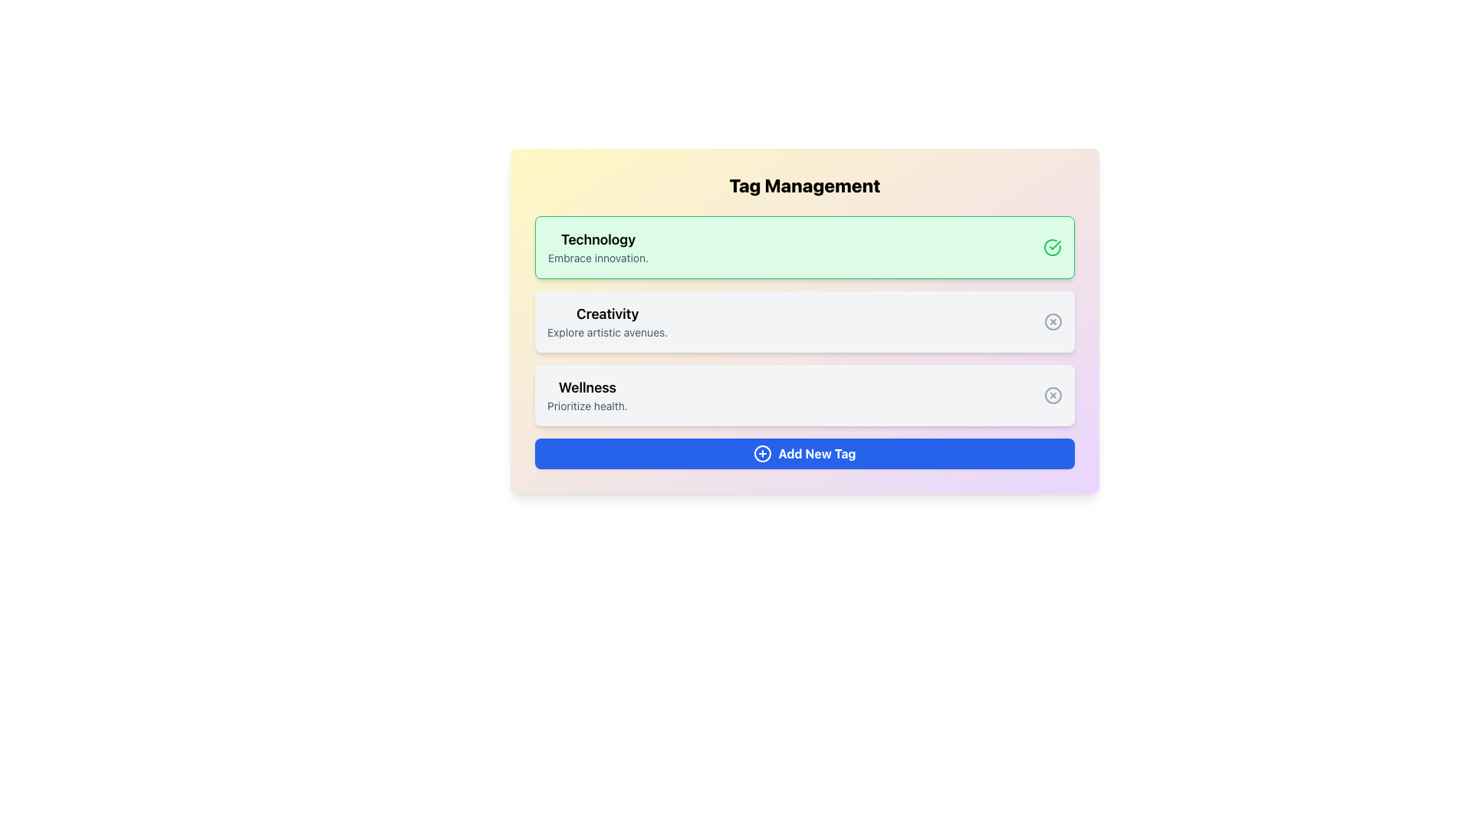 The width and height of the screenshot is (1472, 828). I want to click on the Text Display element that provides the title and subtitle for the 'Technology' category, summarizing its purpose with the phrase 'Embrace innovation.', so click(597, 247).